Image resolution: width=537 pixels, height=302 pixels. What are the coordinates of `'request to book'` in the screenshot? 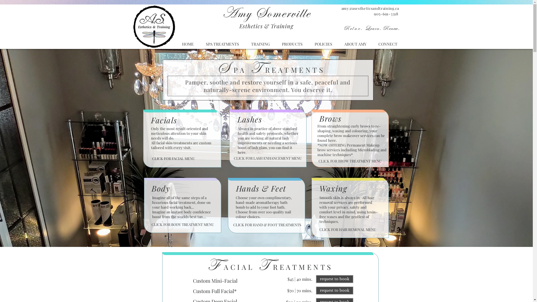 It's located at (315, 290).